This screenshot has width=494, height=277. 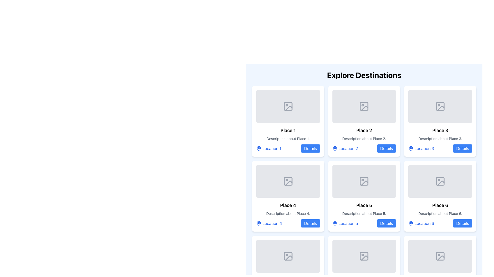 I want to click on the text label displaying 'Place 5', which is prominently positioned above descriptive text within a white, rounded card, so click(x=364, y=205).